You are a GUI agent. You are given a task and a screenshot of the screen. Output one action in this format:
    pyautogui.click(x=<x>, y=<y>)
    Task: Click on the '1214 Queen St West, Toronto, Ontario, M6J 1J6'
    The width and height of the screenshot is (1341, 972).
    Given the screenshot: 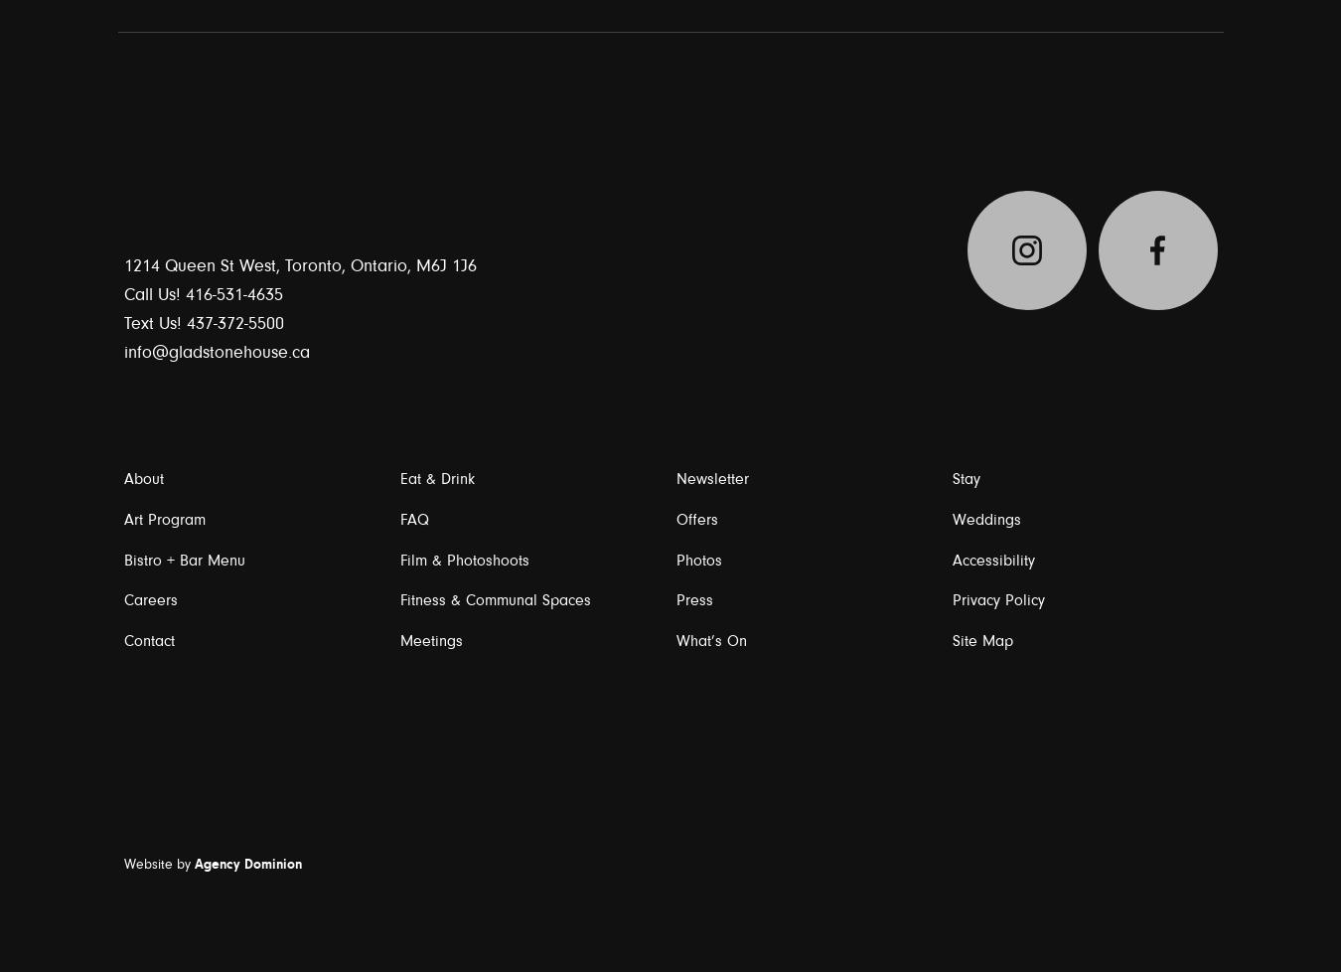 What is the action you would take?
    pyautogui.click(x=298, y=264)
    